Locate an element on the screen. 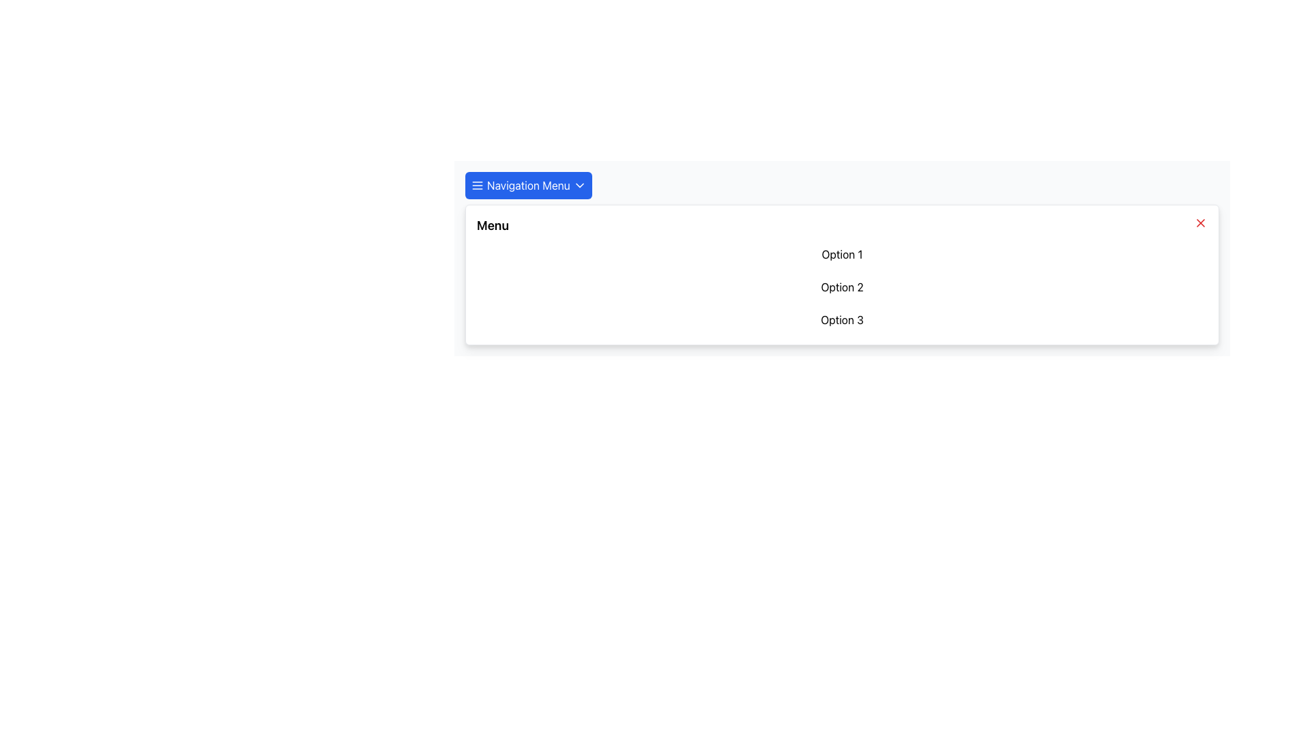 Image resolution: width=1310 pixels, height=737 pixels. the red close icon resembling a cross located at the top-right corner of the dropdown panel is located at coordinates (1201, 222).